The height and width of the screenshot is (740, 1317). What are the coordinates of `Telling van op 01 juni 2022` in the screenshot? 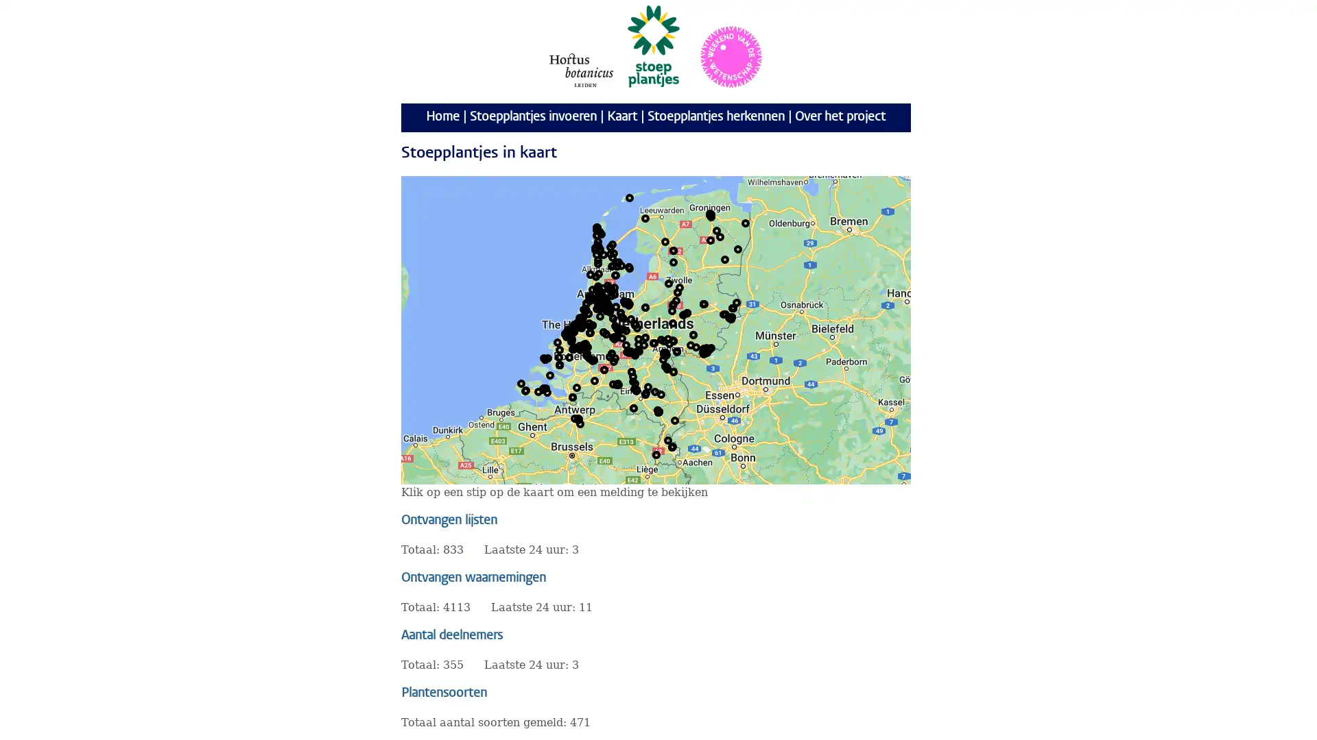 It's located at (598, 284).